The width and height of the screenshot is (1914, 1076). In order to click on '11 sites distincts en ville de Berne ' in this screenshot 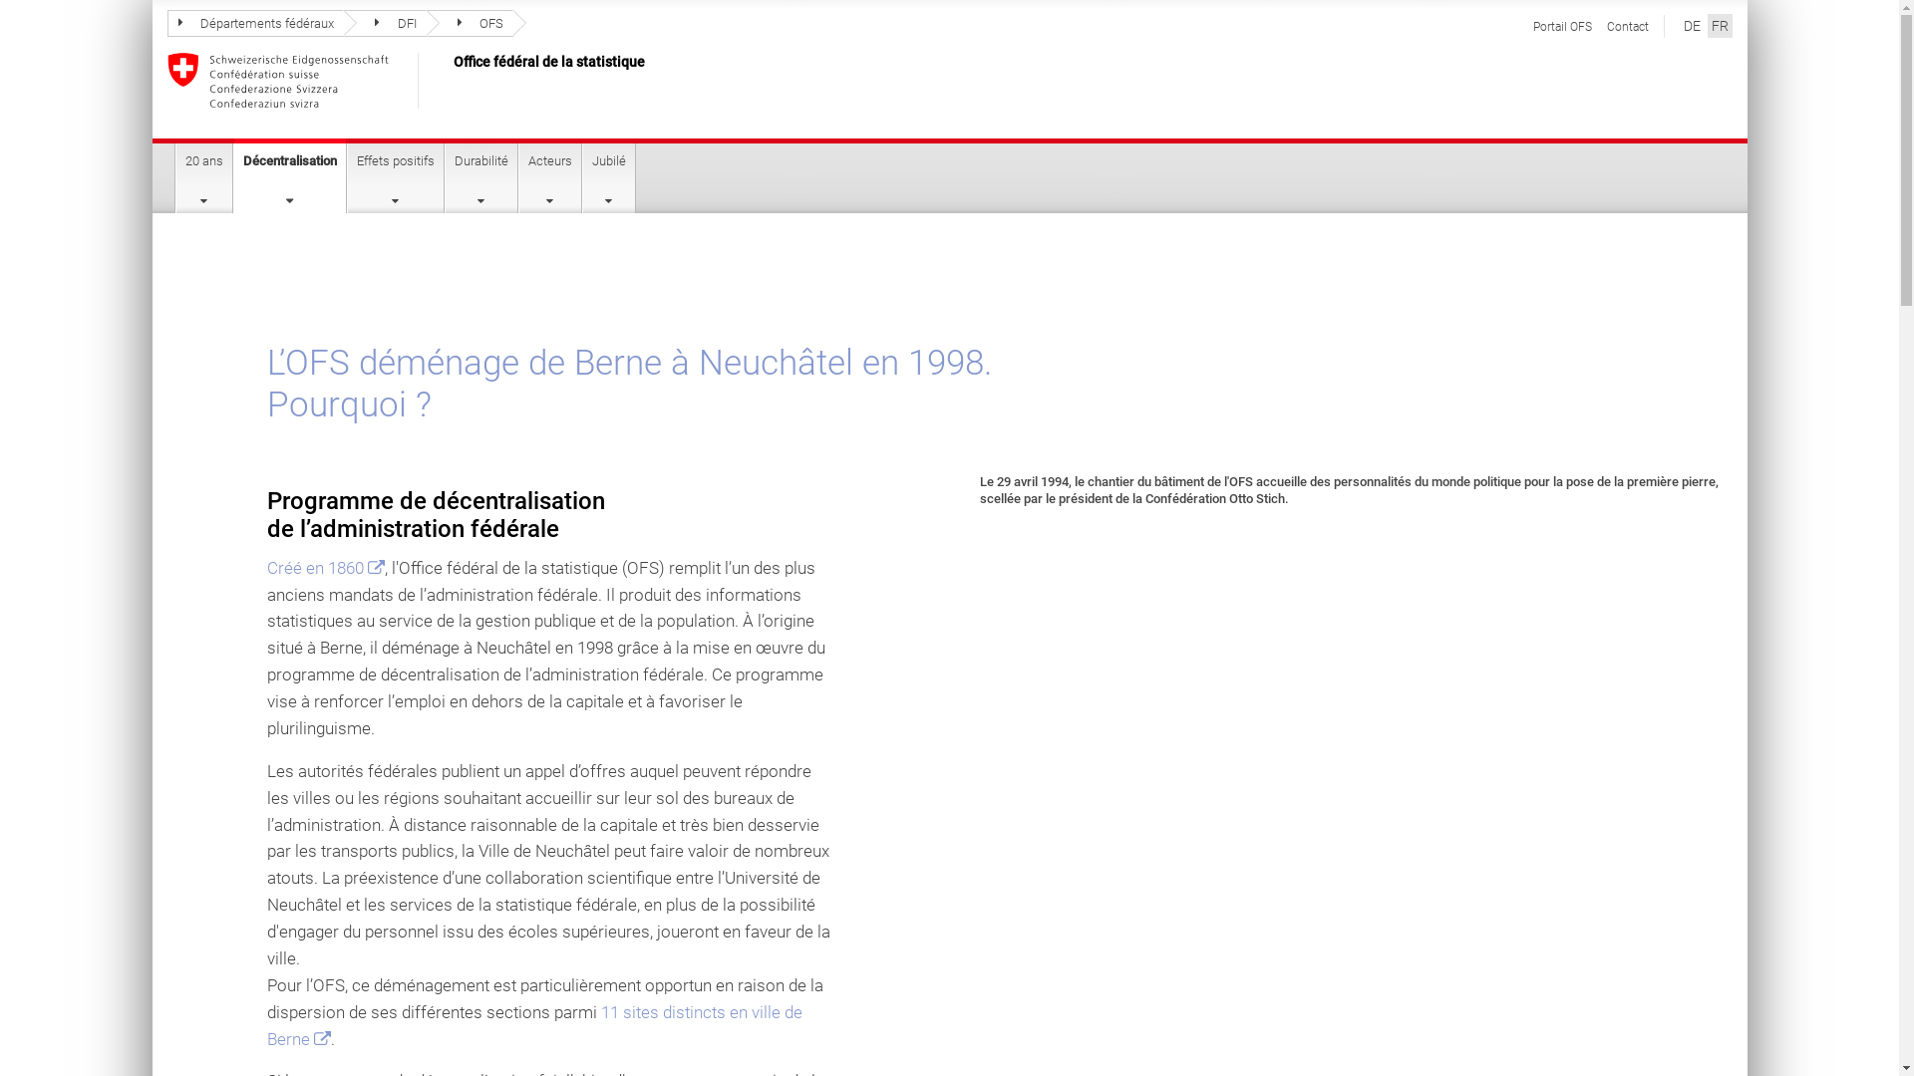, I will do `click(534, 1025)`.